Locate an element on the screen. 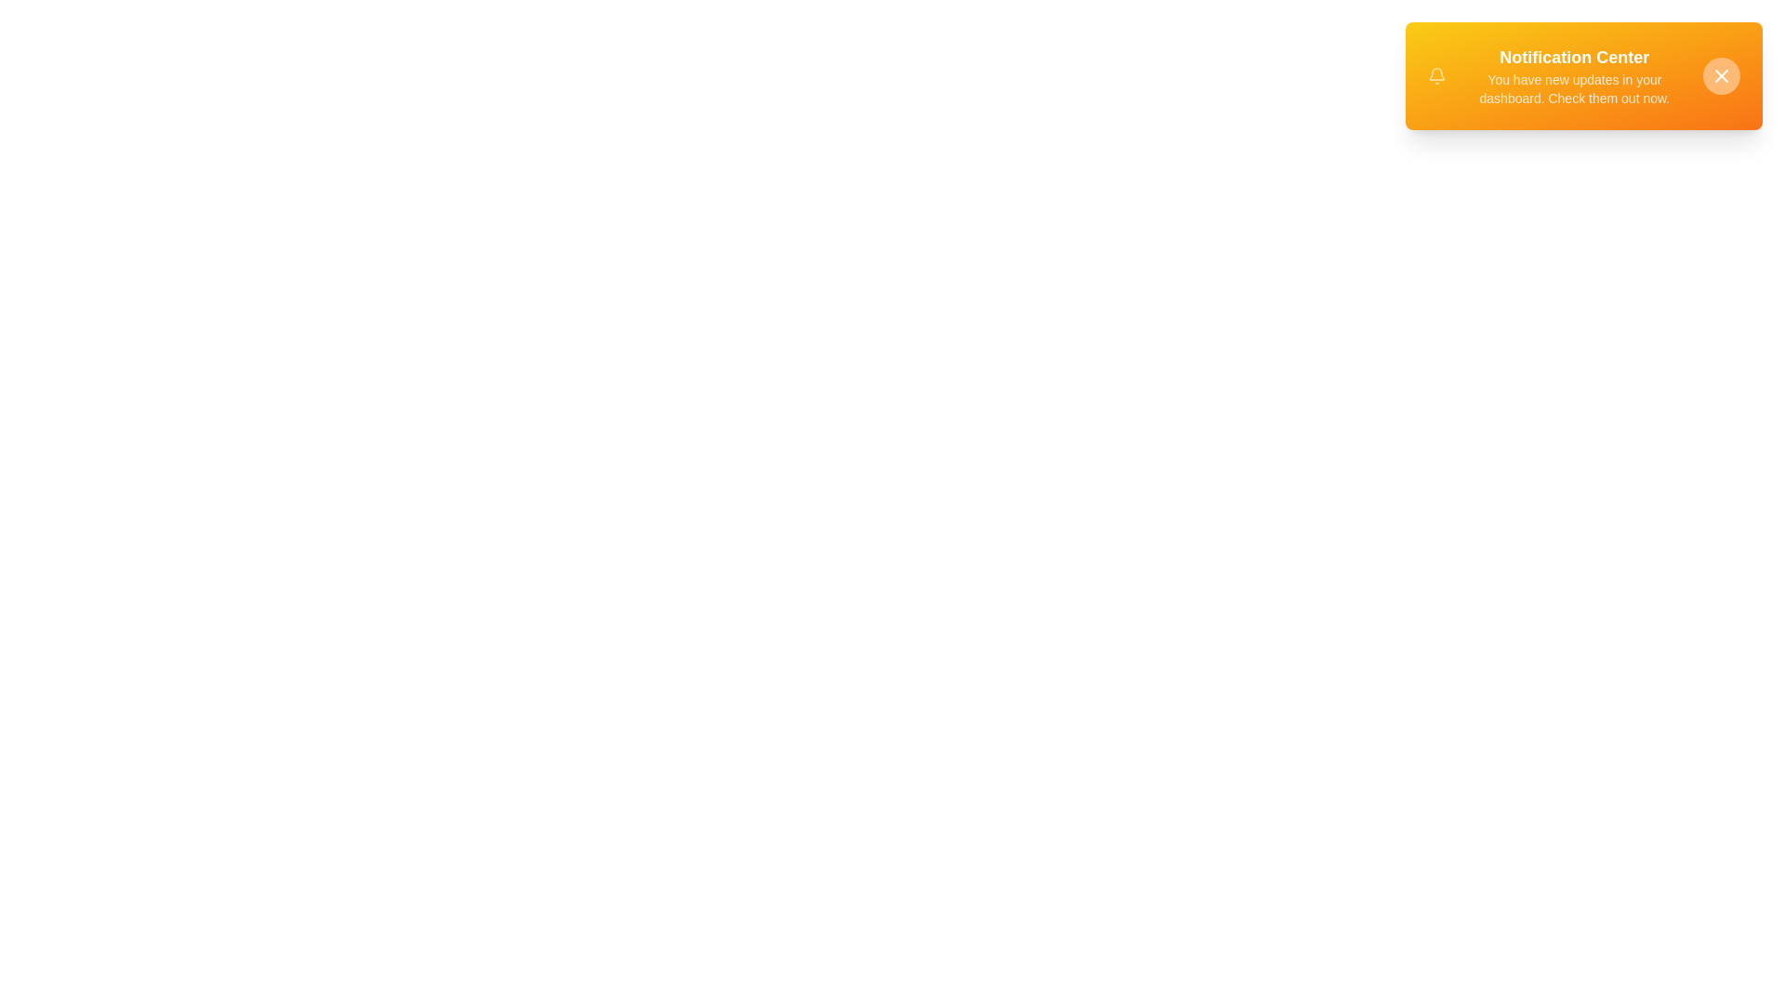 The height and width of the screenshot is (1004, 1785). the close button of the snackbar to dismiss it is located at coordinates (1721, 74).